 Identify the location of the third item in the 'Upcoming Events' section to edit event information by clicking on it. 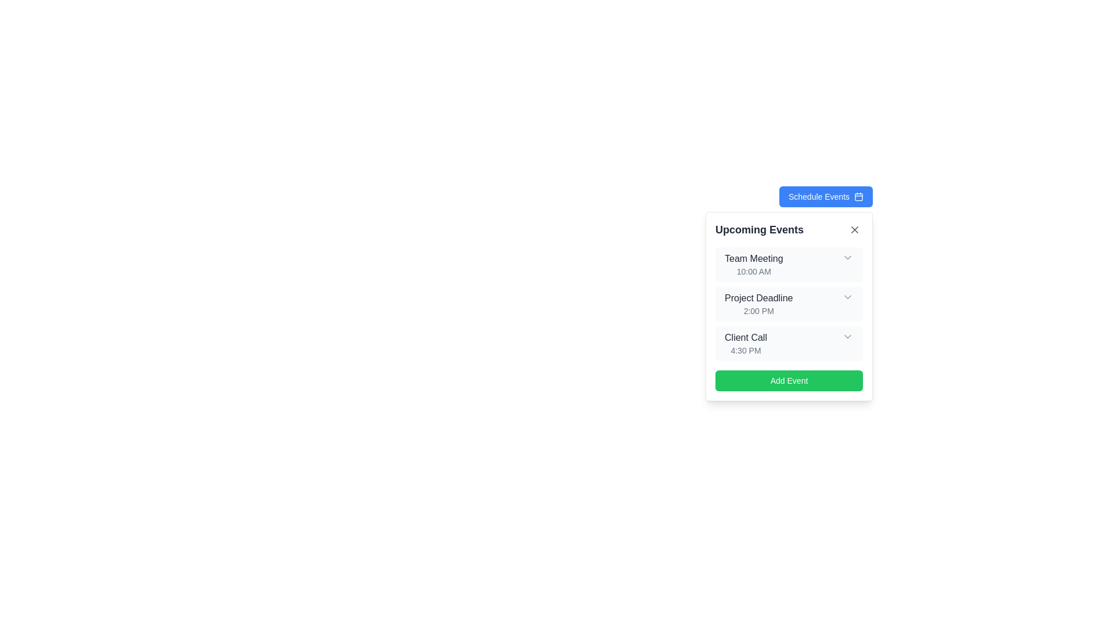
(789, 343).